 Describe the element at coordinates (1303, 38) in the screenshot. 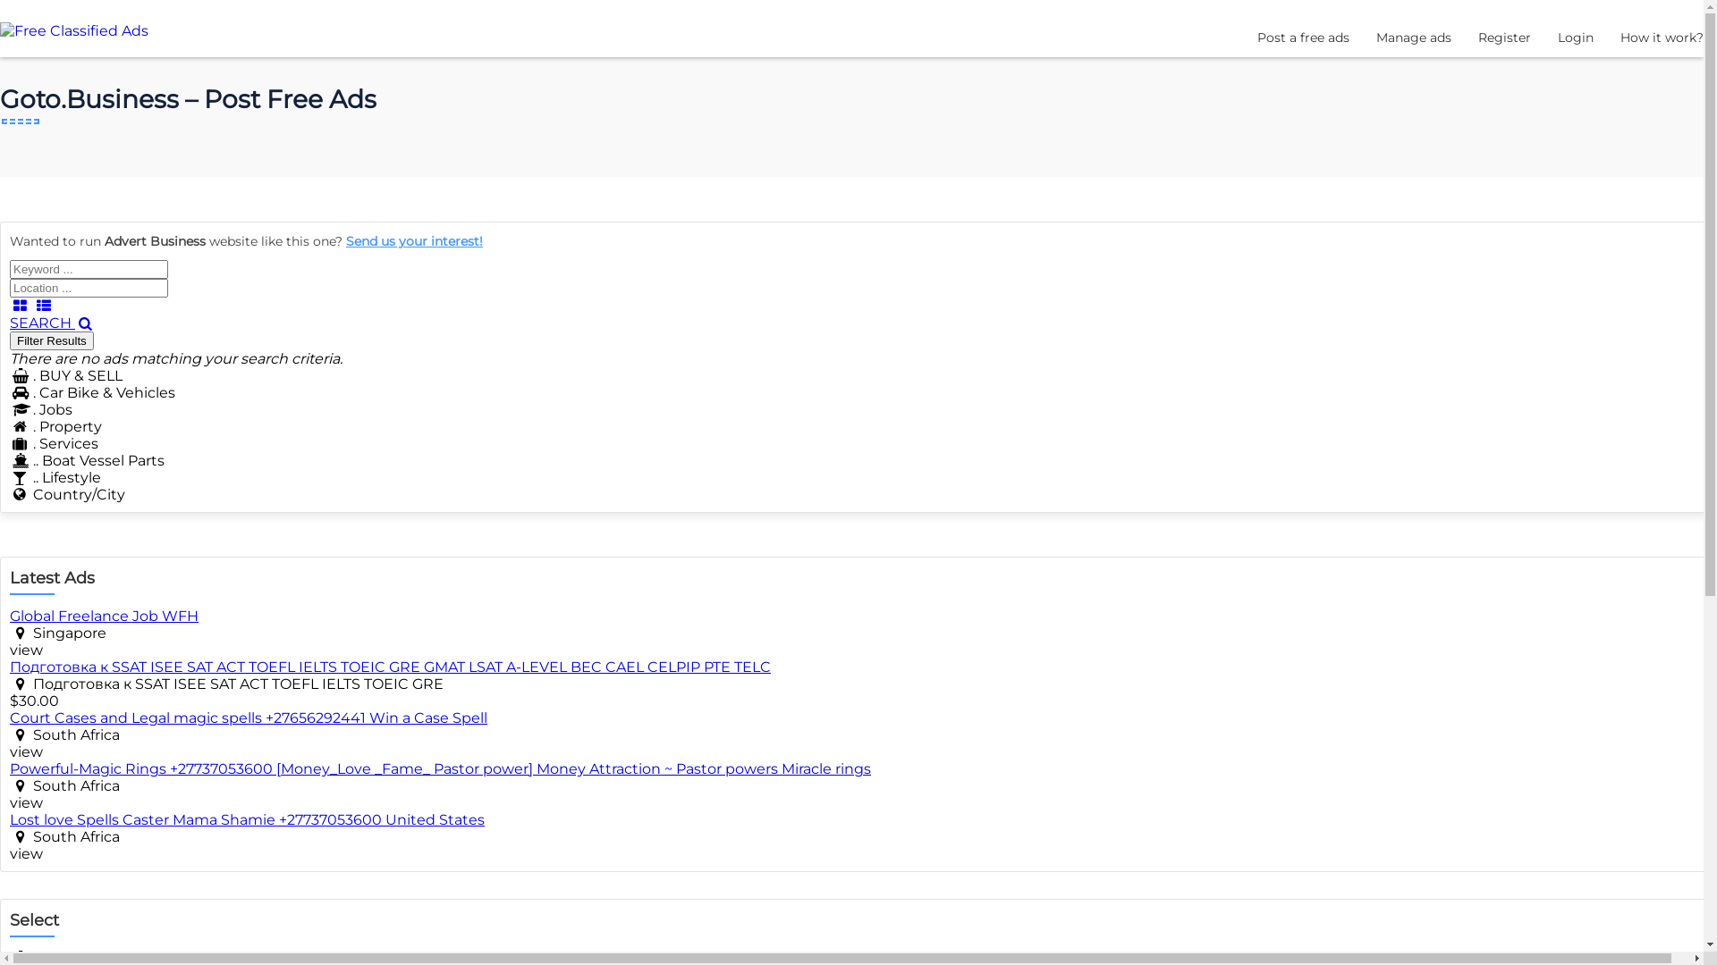

I see `'Post a free ads'` at that location.